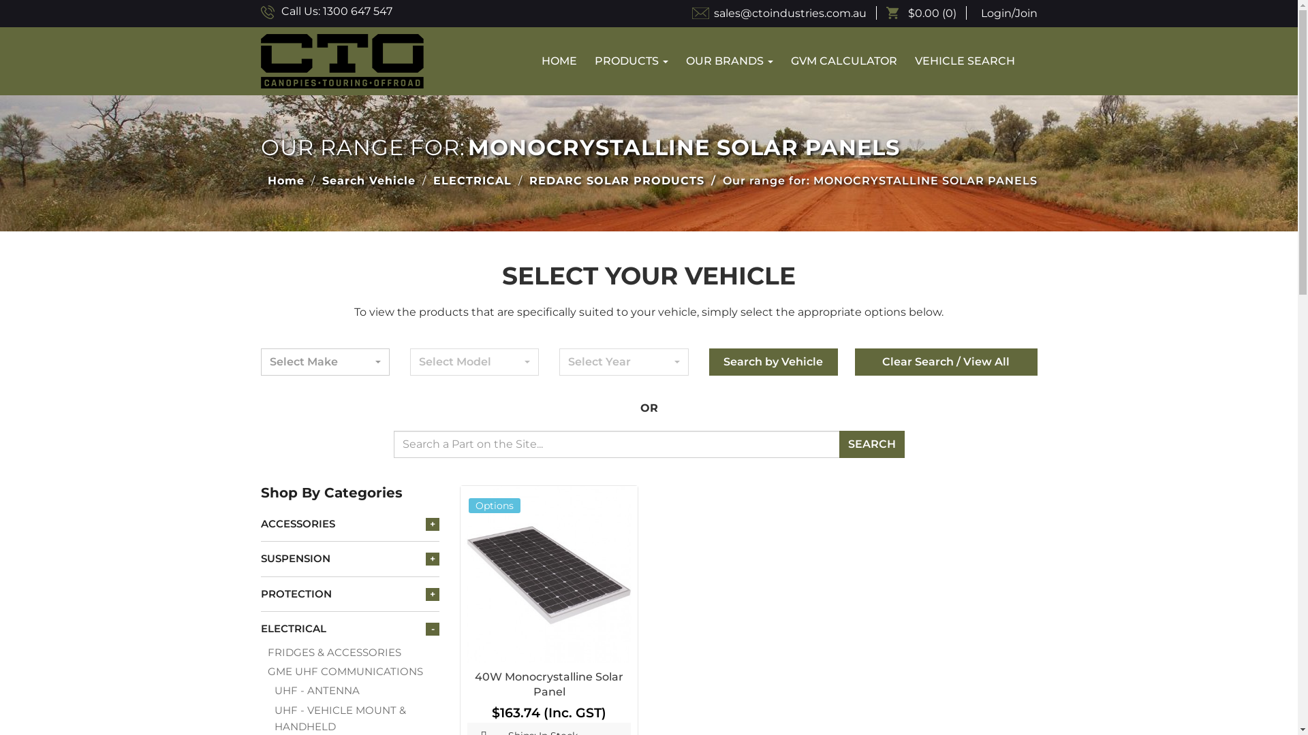  Describe the element at coordinates (431, 559) in the screenshot. I see `'+'` at that location.